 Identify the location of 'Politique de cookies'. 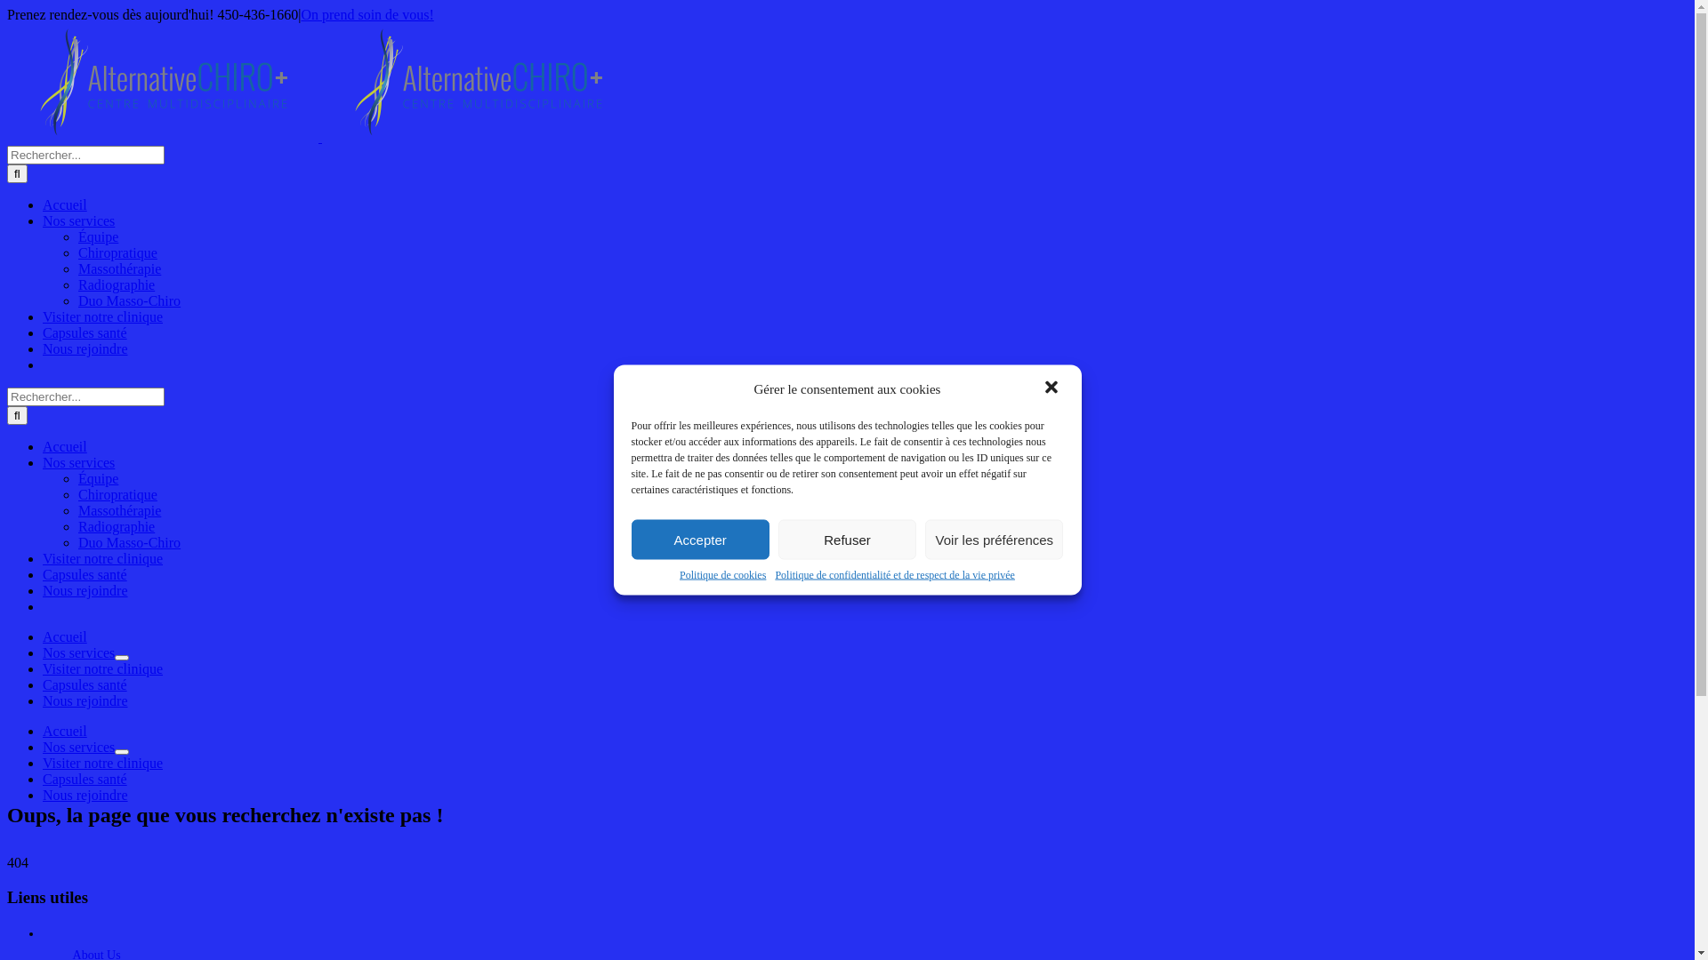
(678, 575).